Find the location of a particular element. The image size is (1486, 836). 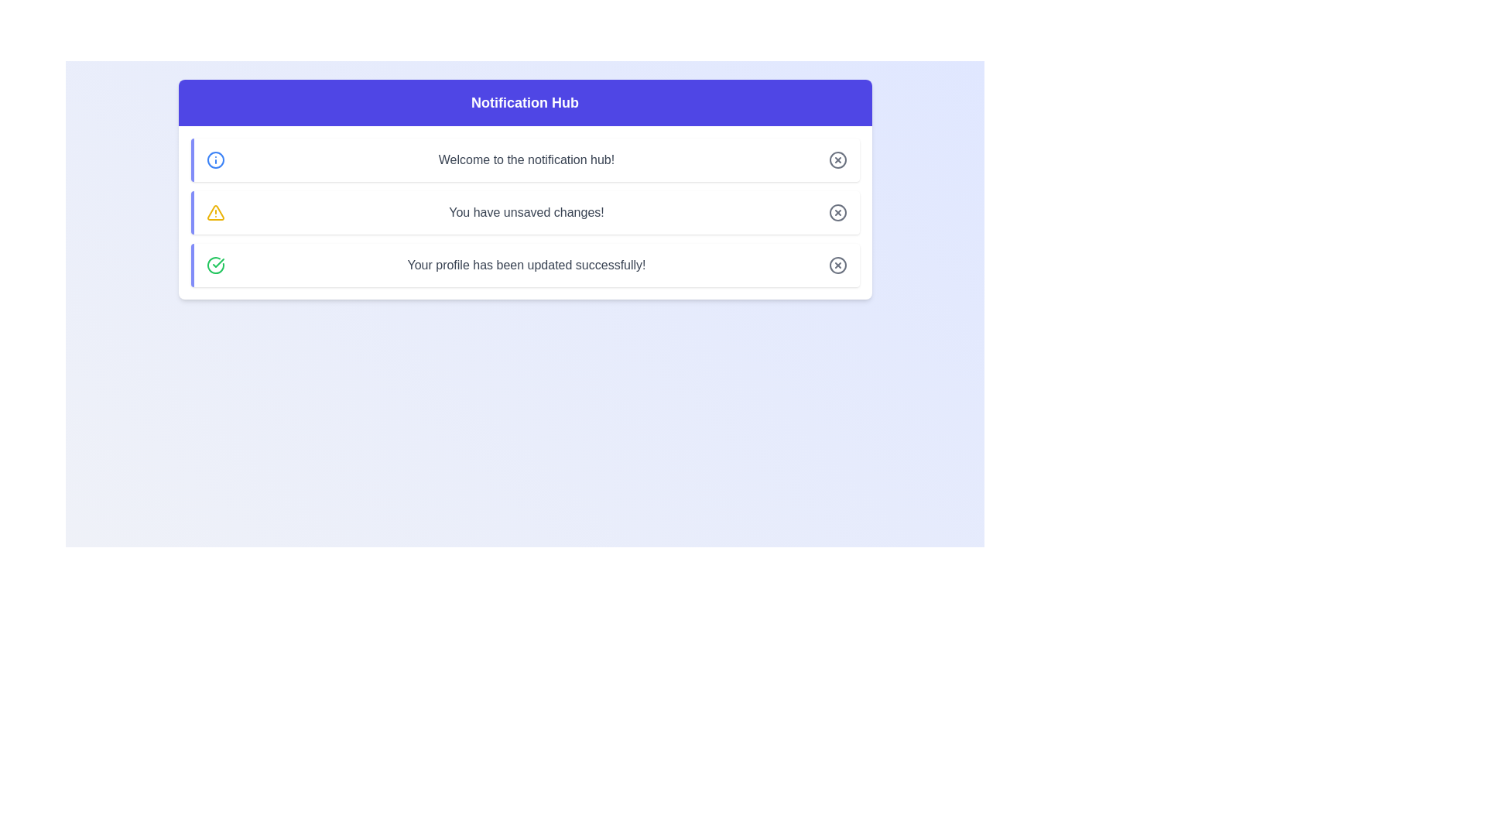

the small circular button with a cross icon inside, located in the bottom-right corner of the notification message that states 'Your profile has been updated successfully!' is located at coordinates (837, 265).